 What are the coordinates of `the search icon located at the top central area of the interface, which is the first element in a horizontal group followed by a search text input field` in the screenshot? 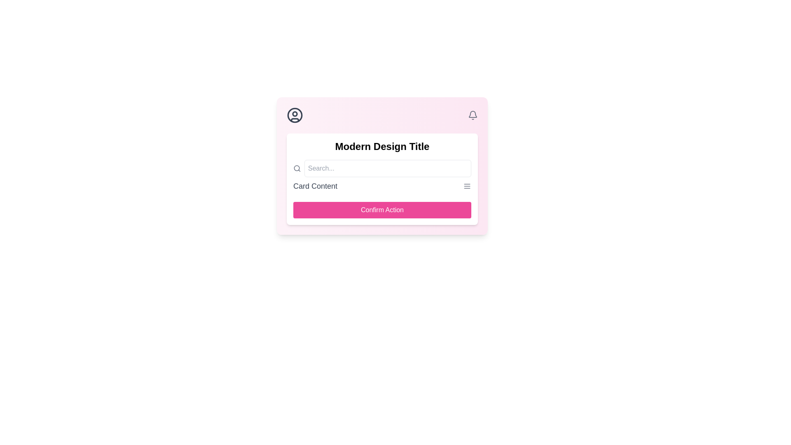 It's located at (297, 168).